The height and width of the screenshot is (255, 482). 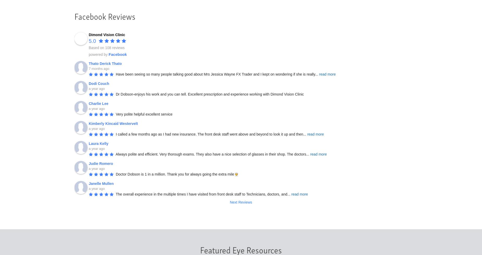 I want to click on 'Dr Dobson-enjoys his work and you can tell. Excellent prescription and experience working with Dimond Vision Clinic', so click(x=115, y=94).